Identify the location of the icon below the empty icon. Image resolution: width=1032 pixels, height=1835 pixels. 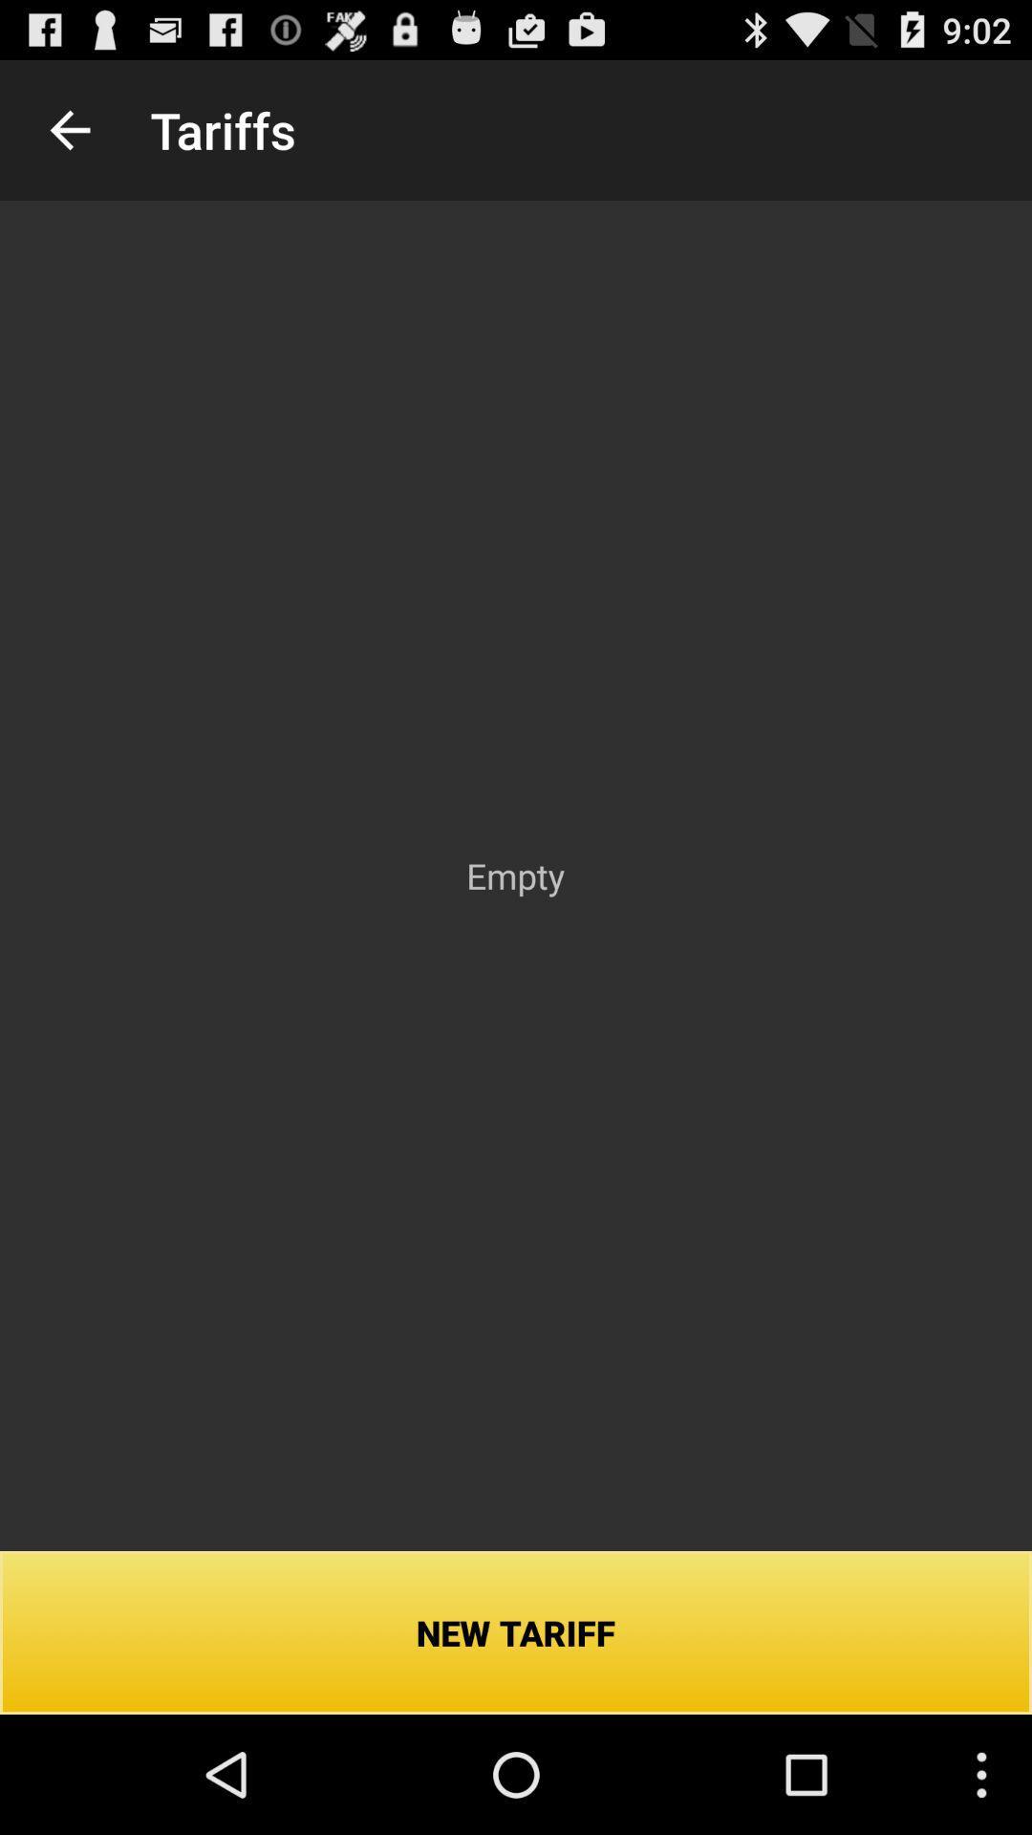
(516, 1631).